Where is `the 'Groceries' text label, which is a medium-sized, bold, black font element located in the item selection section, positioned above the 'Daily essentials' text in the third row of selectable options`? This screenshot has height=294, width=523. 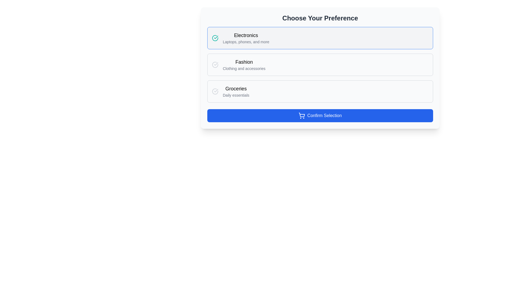 the 'Groceries' text label, which is a medium-sized, bold, black font element located in the item selection section, positioned above the 'Daily essentials' text in the third row of selectable options is located at coordinates (236, 88).